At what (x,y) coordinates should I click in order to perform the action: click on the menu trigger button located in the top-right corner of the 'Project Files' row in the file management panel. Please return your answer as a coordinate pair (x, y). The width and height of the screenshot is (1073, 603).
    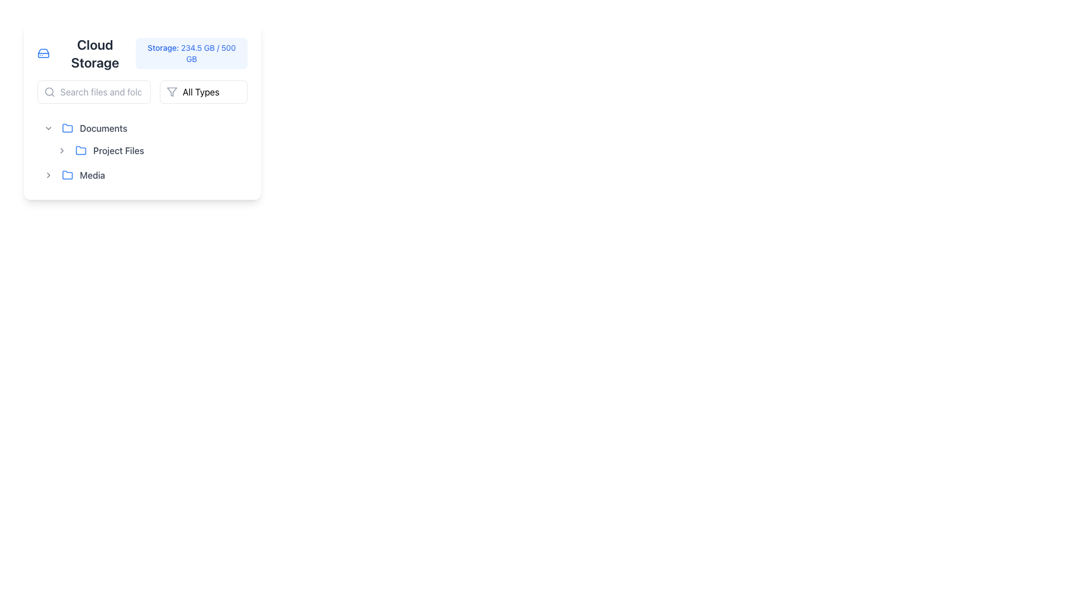
    Looking at the image, I should click on (235, 151).